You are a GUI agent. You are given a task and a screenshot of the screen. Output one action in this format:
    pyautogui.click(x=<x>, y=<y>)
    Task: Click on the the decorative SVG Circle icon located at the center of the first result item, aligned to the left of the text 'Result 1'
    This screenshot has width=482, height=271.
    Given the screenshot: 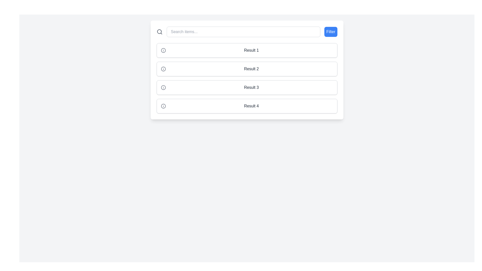 What is the action you would take?
    pyautogui.click(x=163, y=50)
    